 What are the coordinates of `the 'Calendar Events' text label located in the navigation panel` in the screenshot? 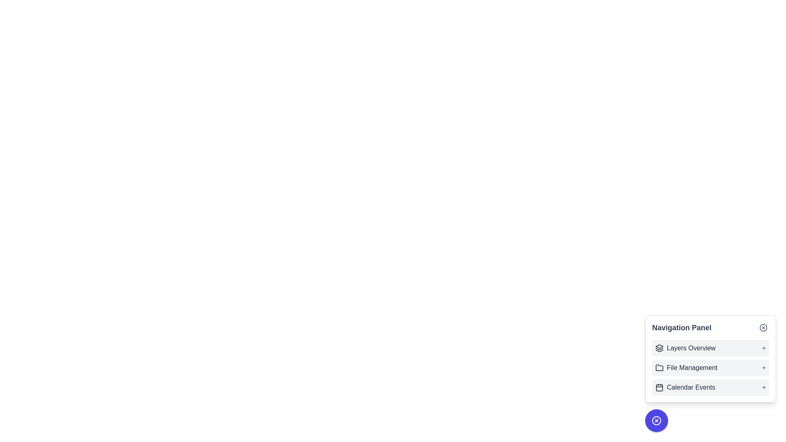 It's located at (691, 387).